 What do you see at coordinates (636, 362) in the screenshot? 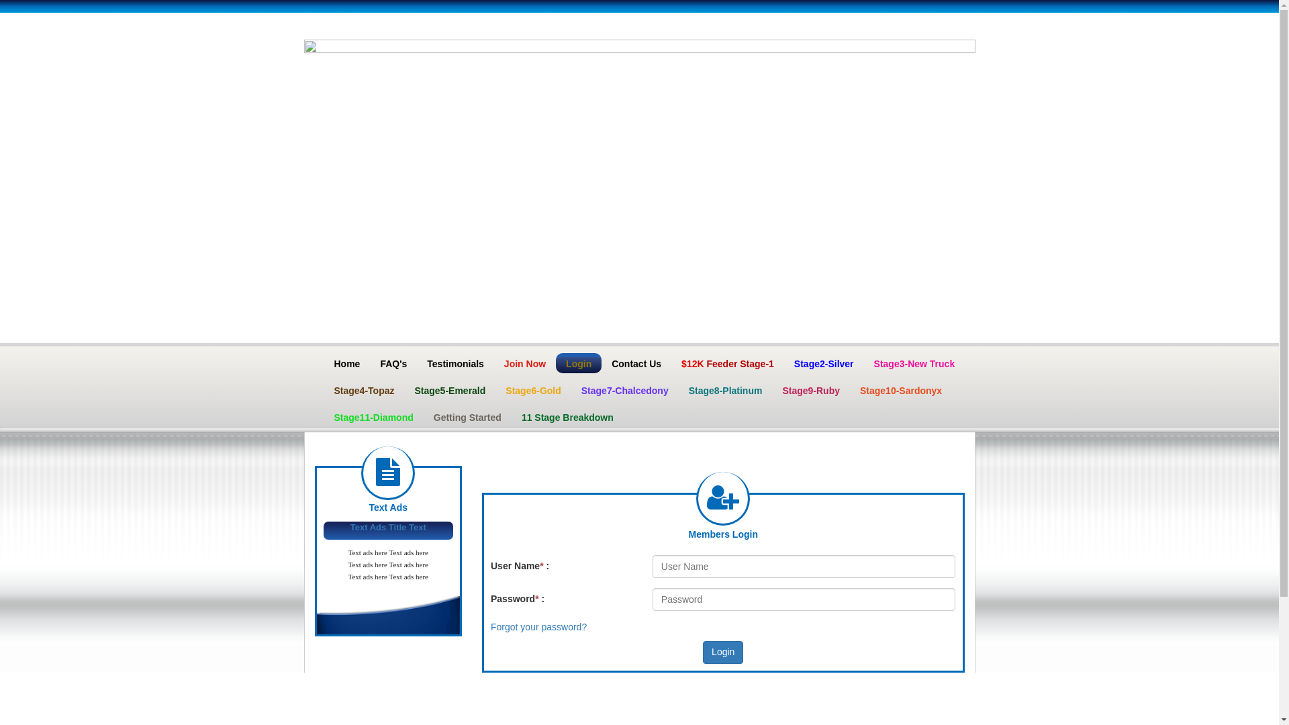
I see `'Contact Us'` at bounding box center [636, 362].